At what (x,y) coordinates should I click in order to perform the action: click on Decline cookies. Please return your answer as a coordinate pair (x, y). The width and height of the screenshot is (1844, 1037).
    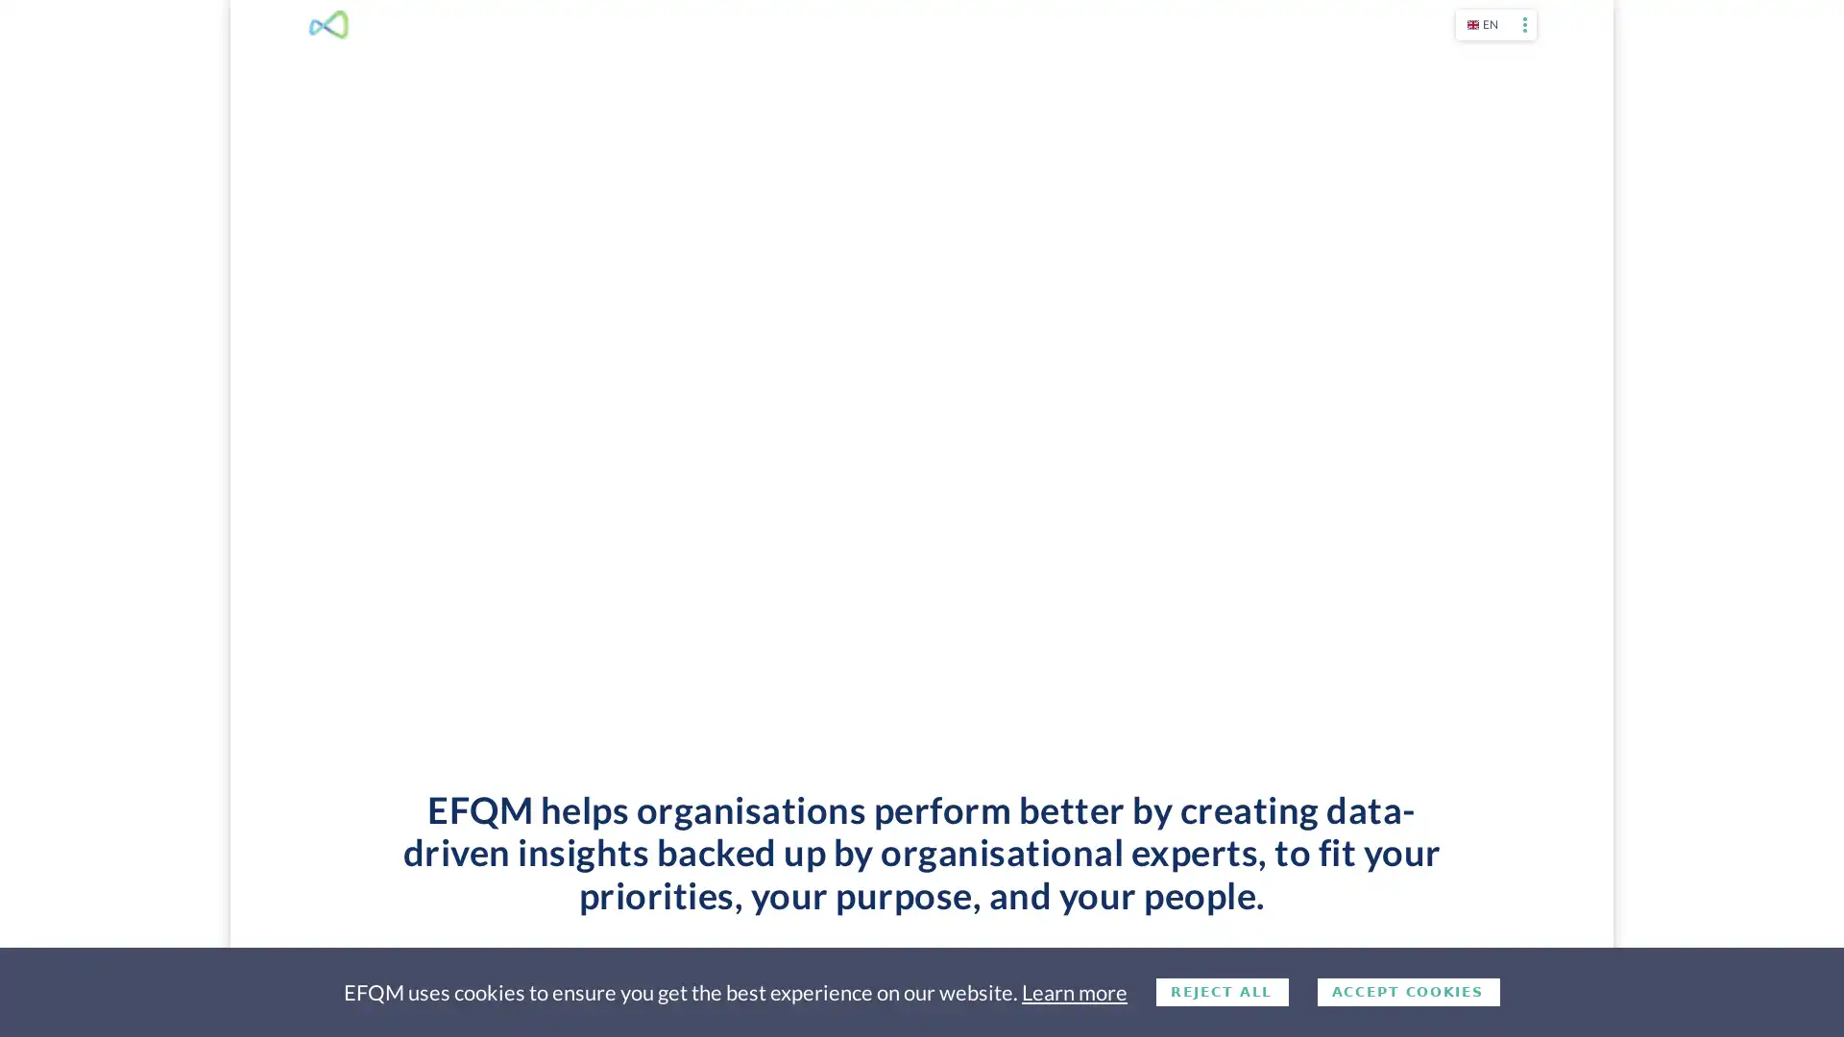
    Looking at the image, I should click on (1221, 991).